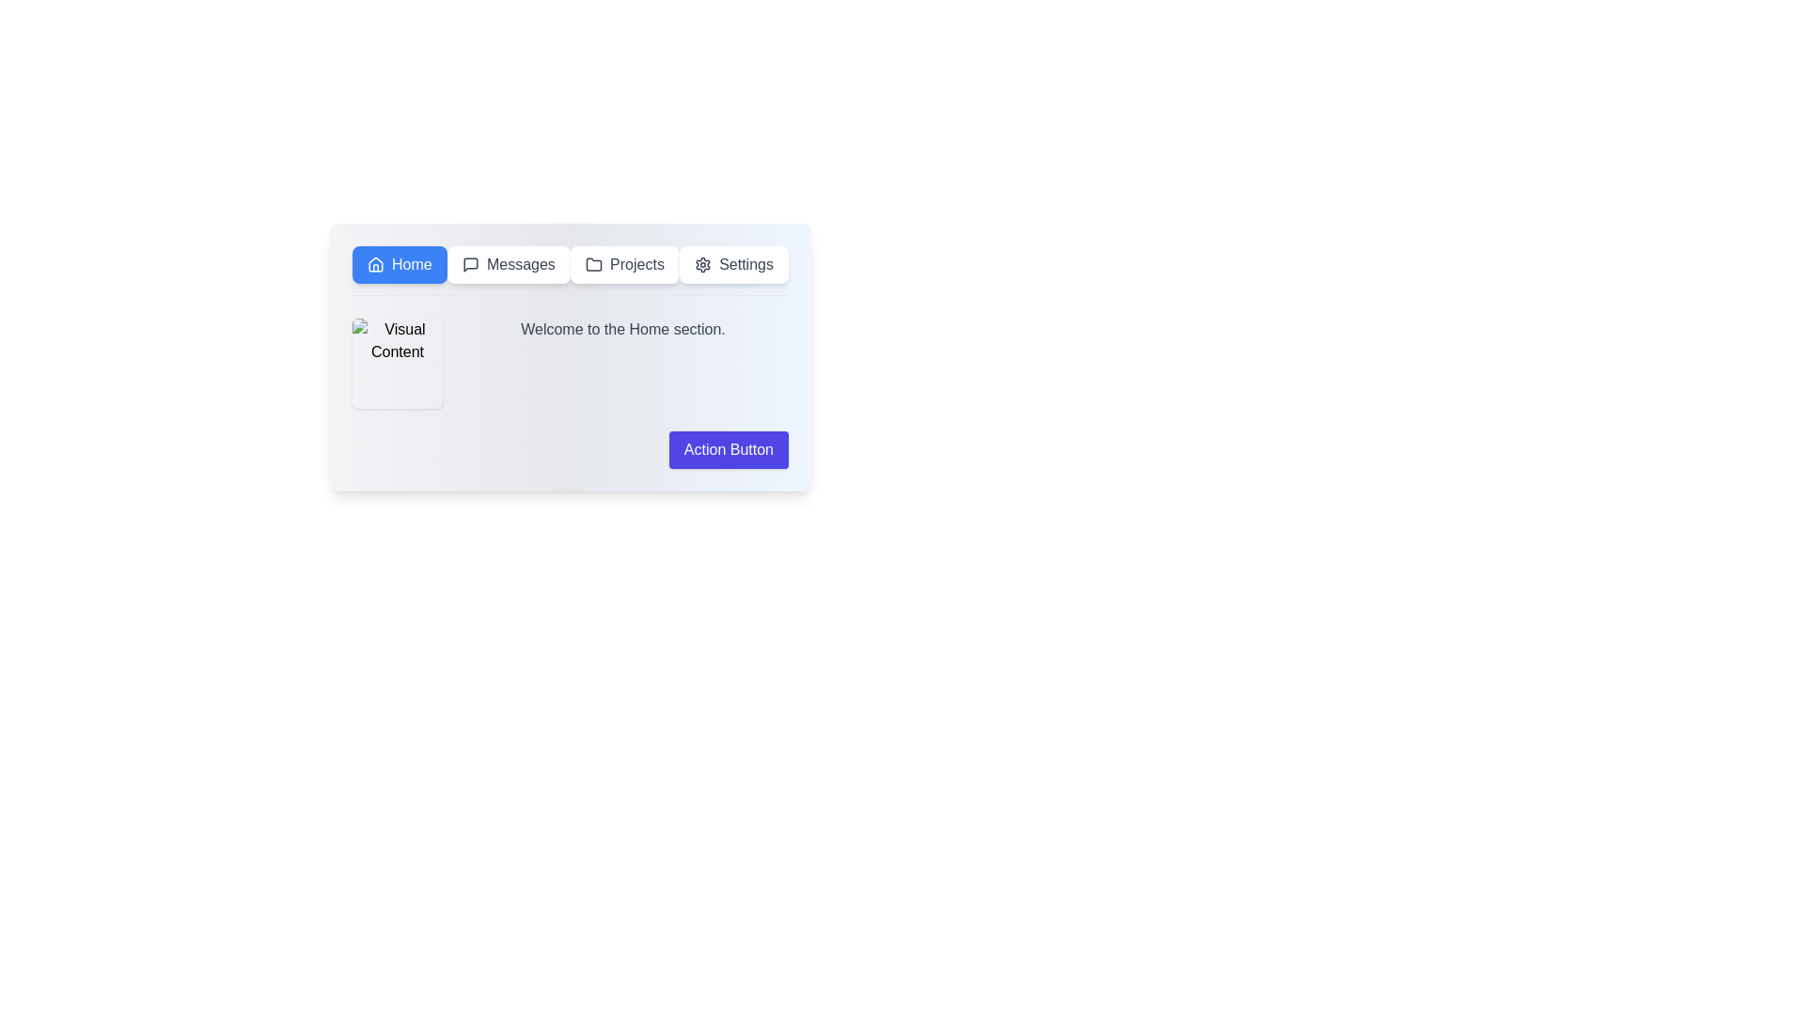 This screenshot has height=1015, width=1805. What do you see at coordinates (746, 264) in the screenshot?
I see `the 'Settings' text label in the navigation bar, which is styled with a sans-serif font and dark gray color, located to the right of the gear icon` at bounding box center [746, 264].